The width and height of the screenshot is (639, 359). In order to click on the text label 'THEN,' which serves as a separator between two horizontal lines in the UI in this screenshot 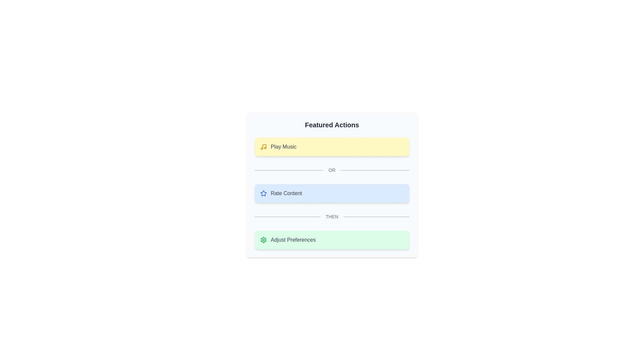, I will do `click(332, 216)`.